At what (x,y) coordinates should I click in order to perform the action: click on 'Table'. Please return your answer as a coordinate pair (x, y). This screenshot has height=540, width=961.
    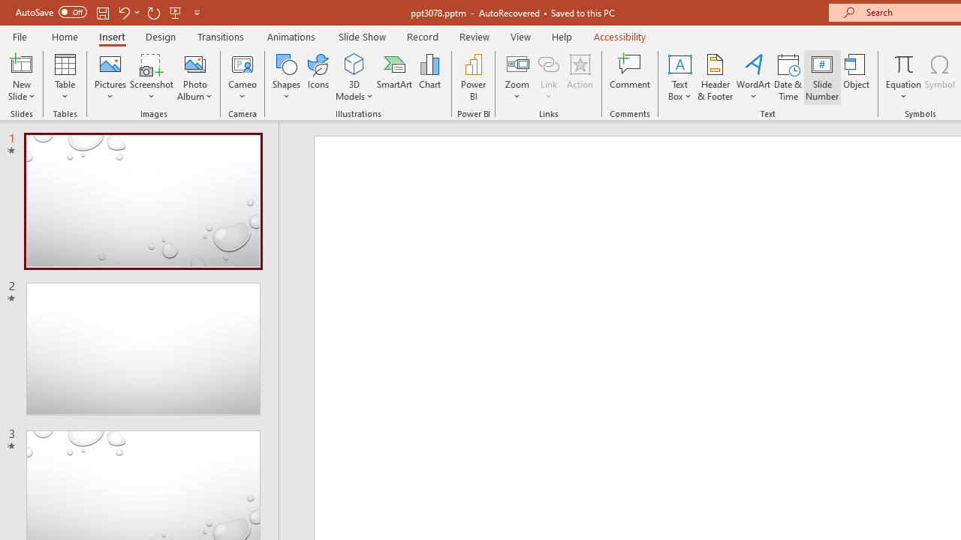
    Looking at the image, I should click on (65, 77).